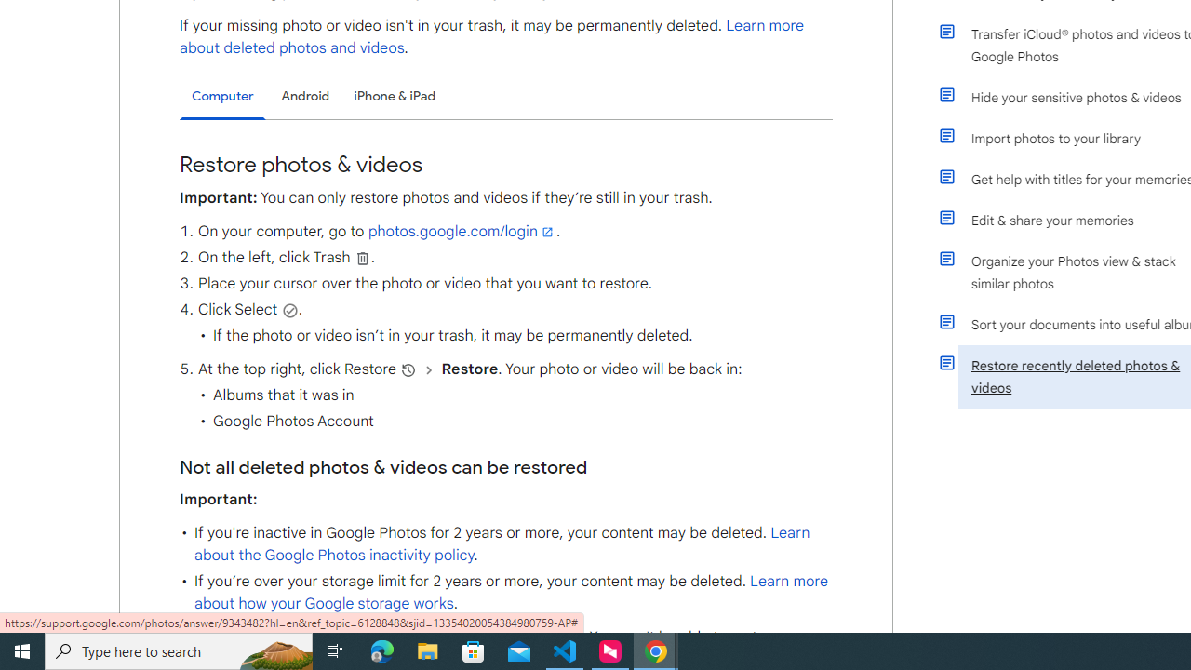 The image size is (1191, 670). I want to click on 'Android', so click(305, 96).